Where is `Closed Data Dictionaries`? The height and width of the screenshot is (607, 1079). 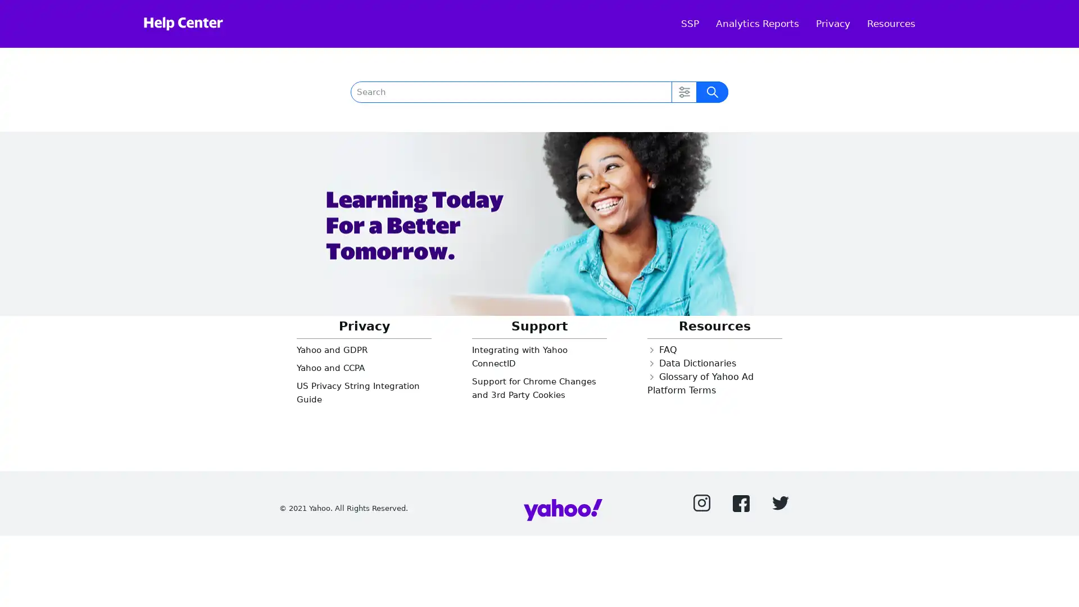
Closed Data Dictionaries is located at coordinates (691, 363).